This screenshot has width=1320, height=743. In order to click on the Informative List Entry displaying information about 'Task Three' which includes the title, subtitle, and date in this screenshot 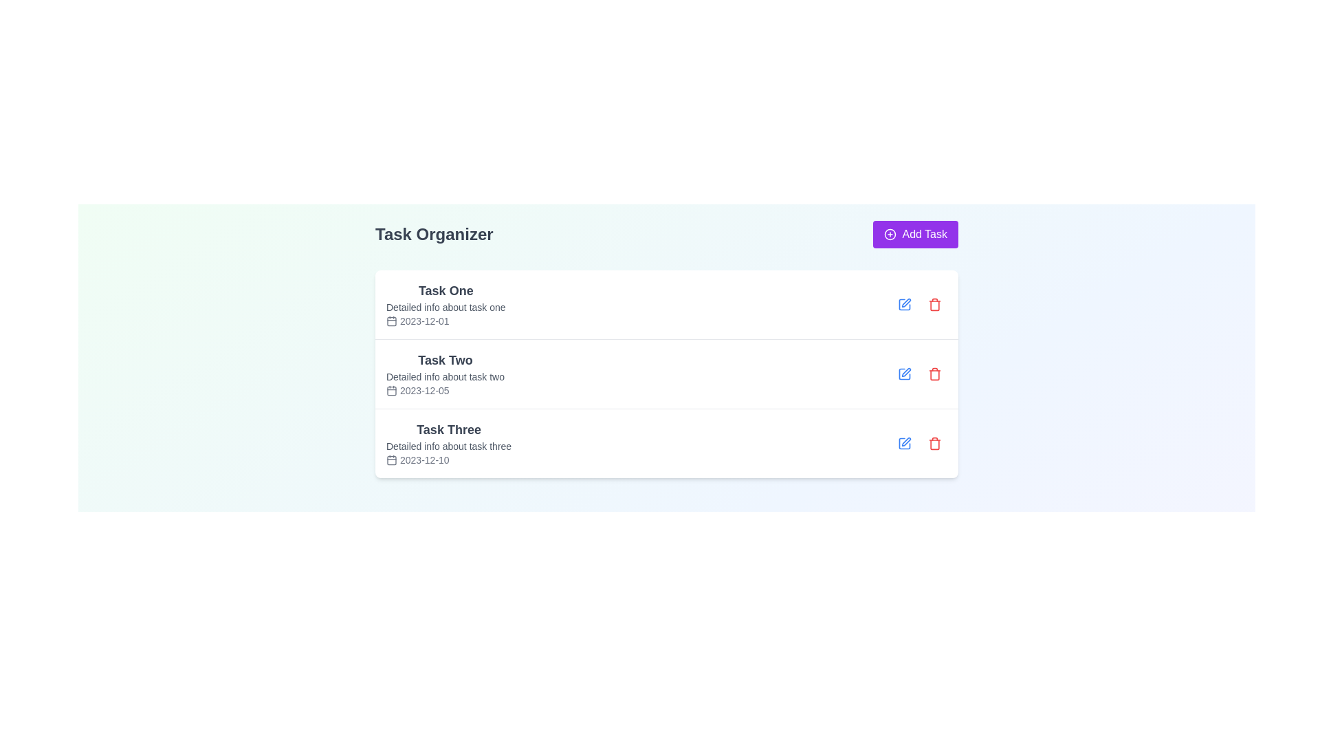, I will do `click(448, 443)`.